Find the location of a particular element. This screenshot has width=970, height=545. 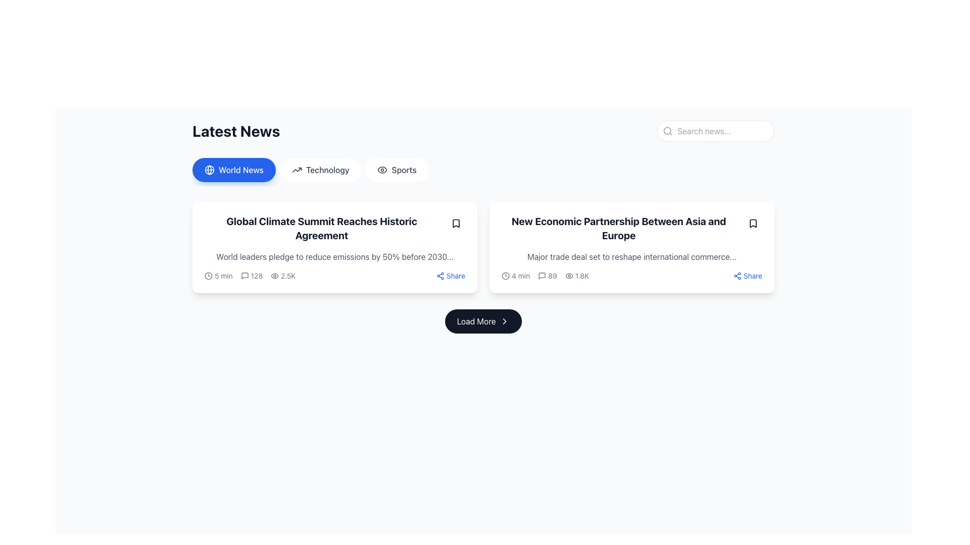

the minimalistic clock icon located at the top-left corner of the first card, adjacent to the text '5 min' is located at coordinates (208, 276).